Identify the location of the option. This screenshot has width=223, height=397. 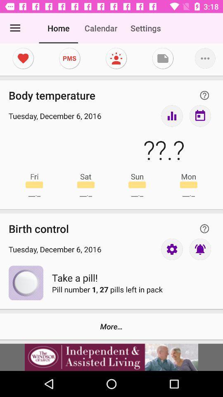
(111, 357).